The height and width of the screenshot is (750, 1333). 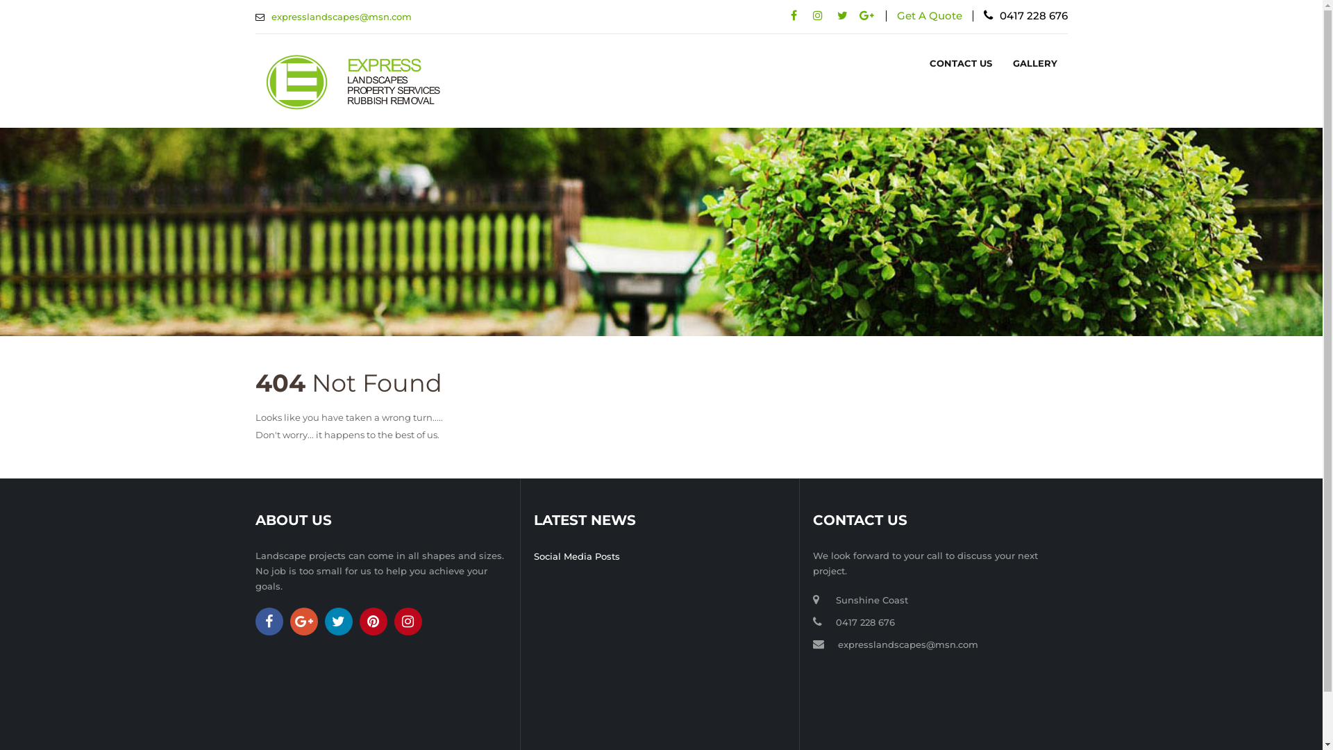 I want to click on 'CONTACT US', so click(x=959, y=63).